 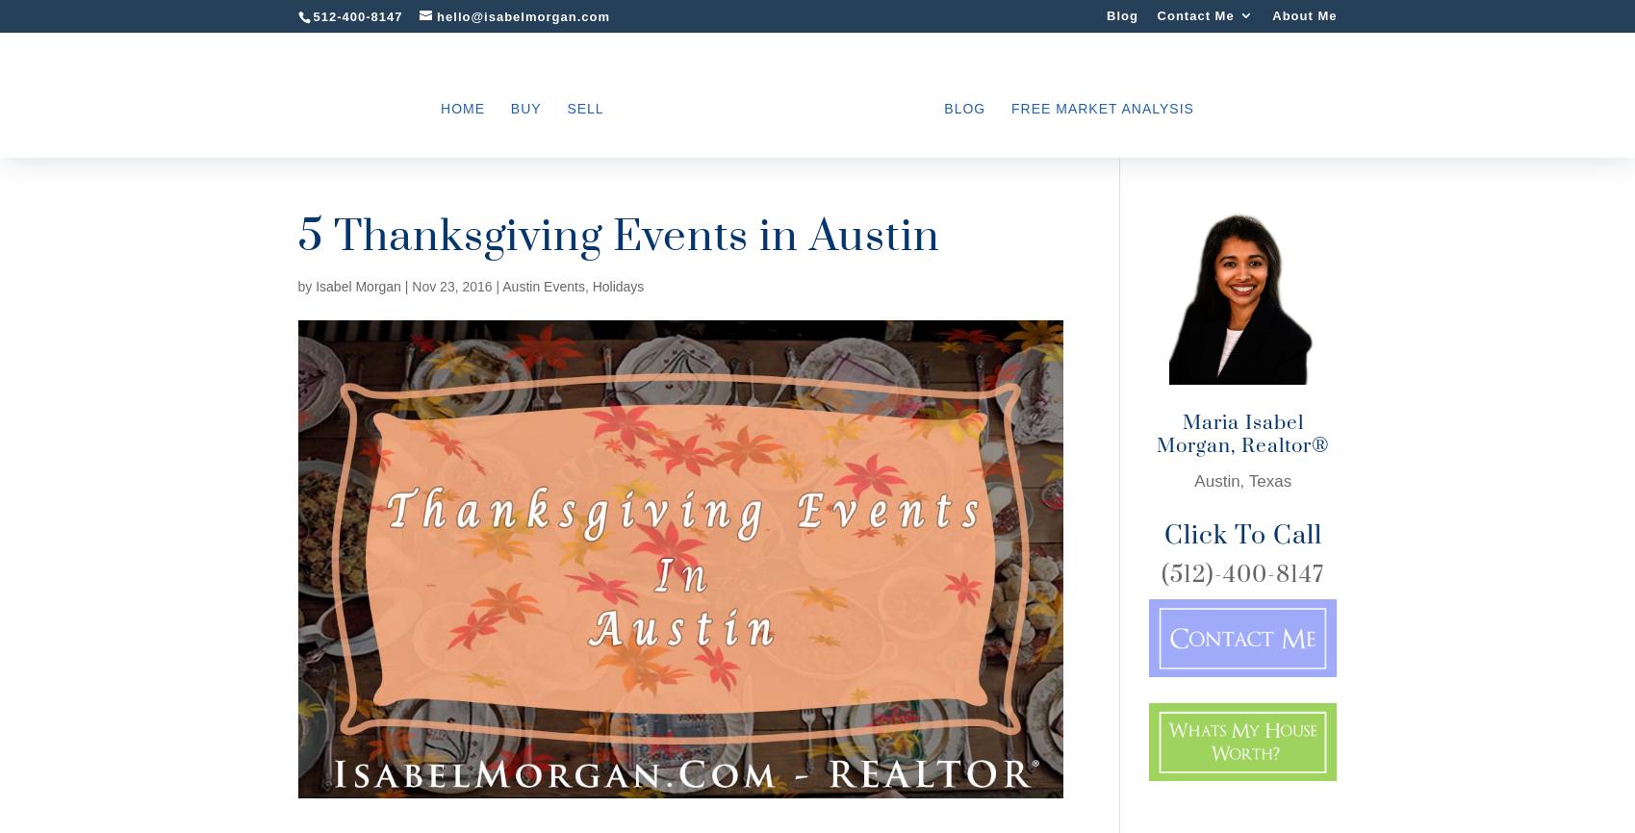 What do you see at coordinates (618, 285) in the screenshot?
I see `'Holidays'` at bounding box center [618, 285].